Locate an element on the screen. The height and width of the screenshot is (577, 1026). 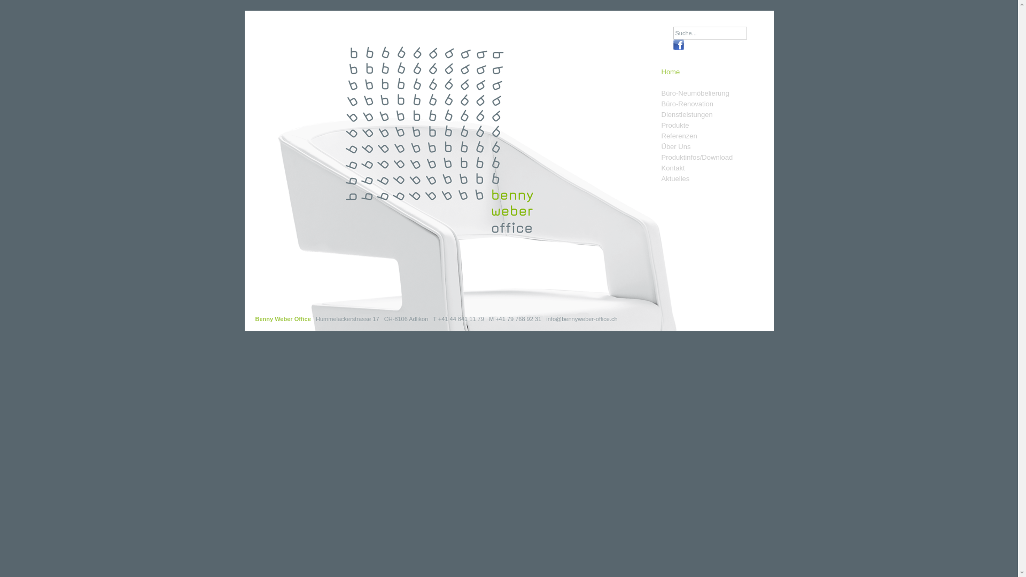
'Dienstleistungen' is located at coordinates (687, 115).